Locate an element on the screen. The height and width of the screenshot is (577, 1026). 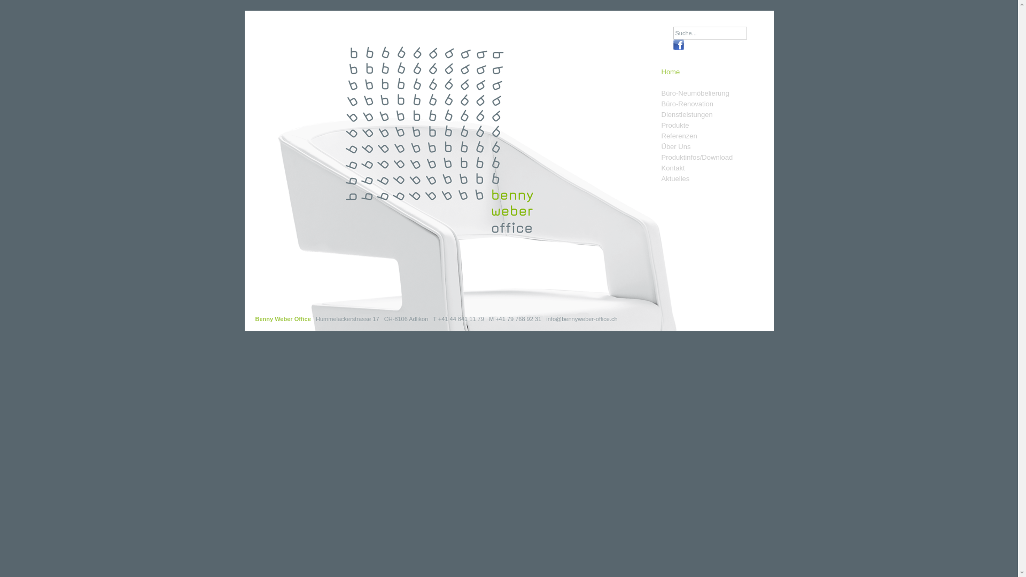
'Dienstleistungen' is located at coordinates (687, 115).